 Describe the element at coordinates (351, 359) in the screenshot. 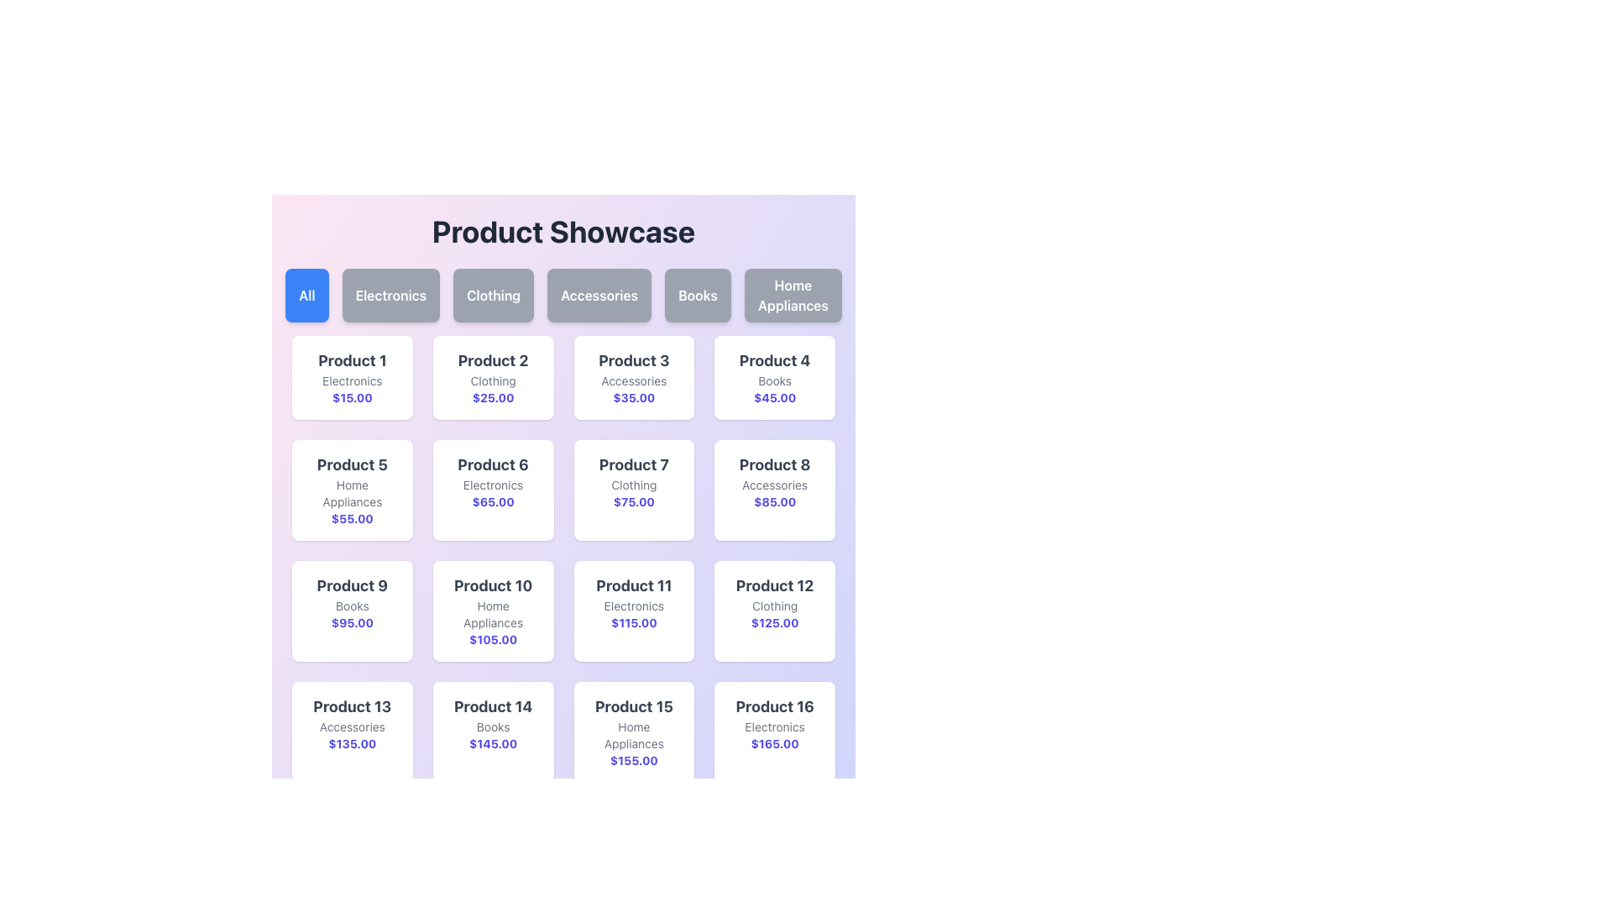

I see `text content of the bold gray label displaying 'Product 1', which is located in the top-left corner of the 'Product Showcase' grid section` at that location.